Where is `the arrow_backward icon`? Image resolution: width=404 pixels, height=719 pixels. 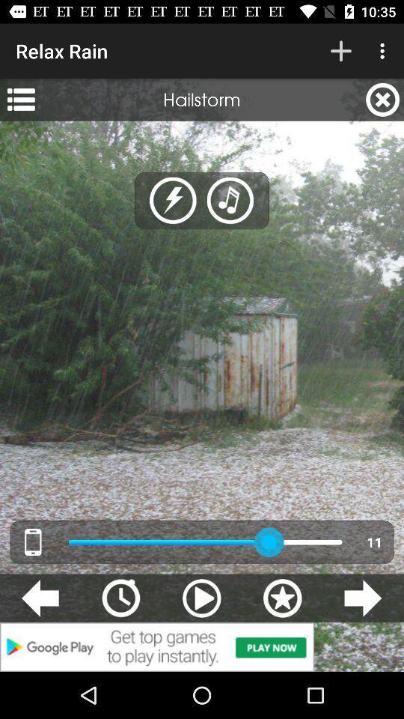 the arrow_backward icon is located at coordinates (40, 598).